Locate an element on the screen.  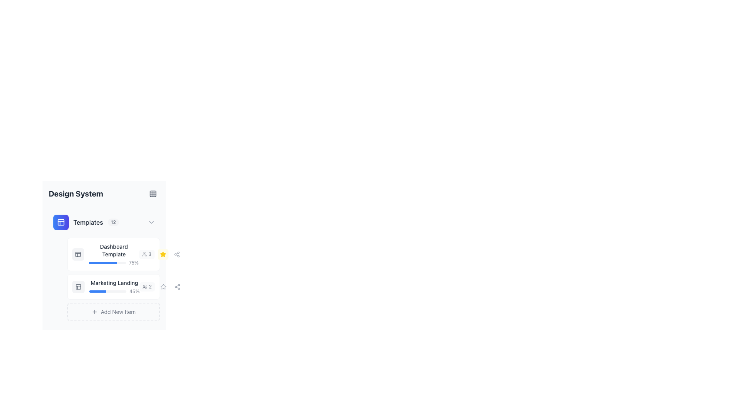
the icon embedded in the rounded rectangular button located near the top-left corner of the subpanel displaying the template's details is located at coordinates (78, 254).